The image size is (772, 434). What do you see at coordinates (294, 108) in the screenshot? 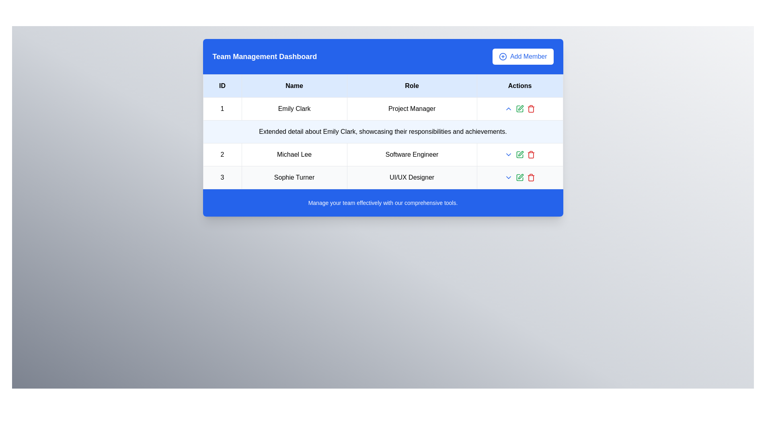
I see `the text label indicating 'Emily Clark' located in the first row of a table, specifically in the second column beneath the 'Name' header` at bounding box center [294, 108].